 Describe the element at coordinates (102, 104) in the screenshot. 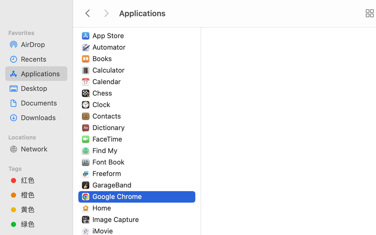

I see `'Clock'` at that location.